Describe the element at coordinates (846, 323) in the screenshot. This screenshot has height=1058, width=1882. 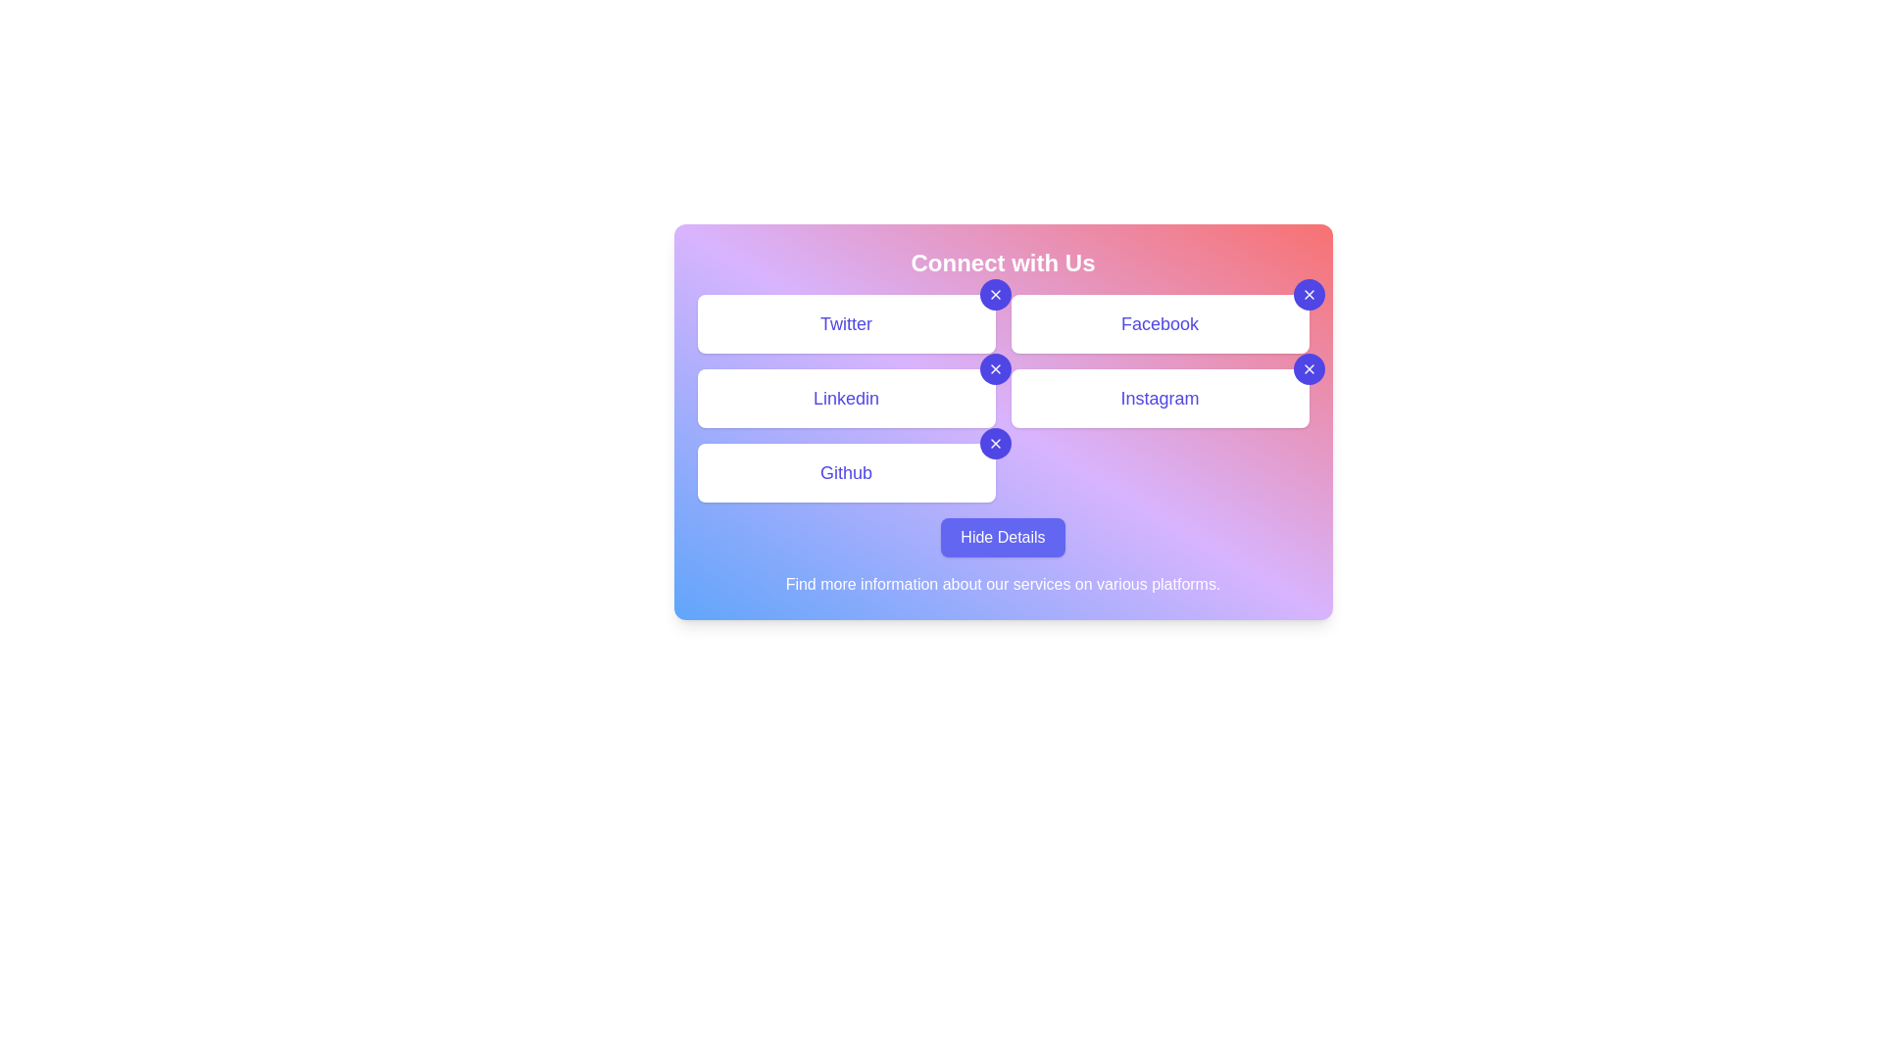
I see `or read the 'Twitter' label from the Card element located in the top-left corner of the grid layout` at that location.